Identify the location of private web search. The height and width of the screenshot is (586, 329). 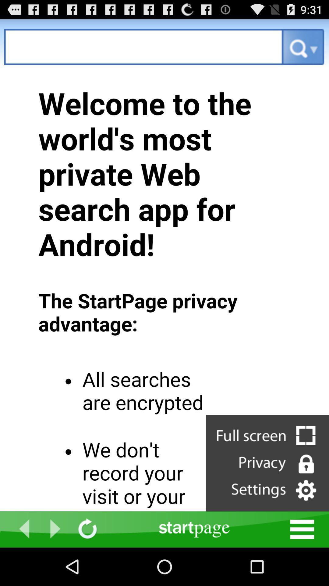
(143, 46).